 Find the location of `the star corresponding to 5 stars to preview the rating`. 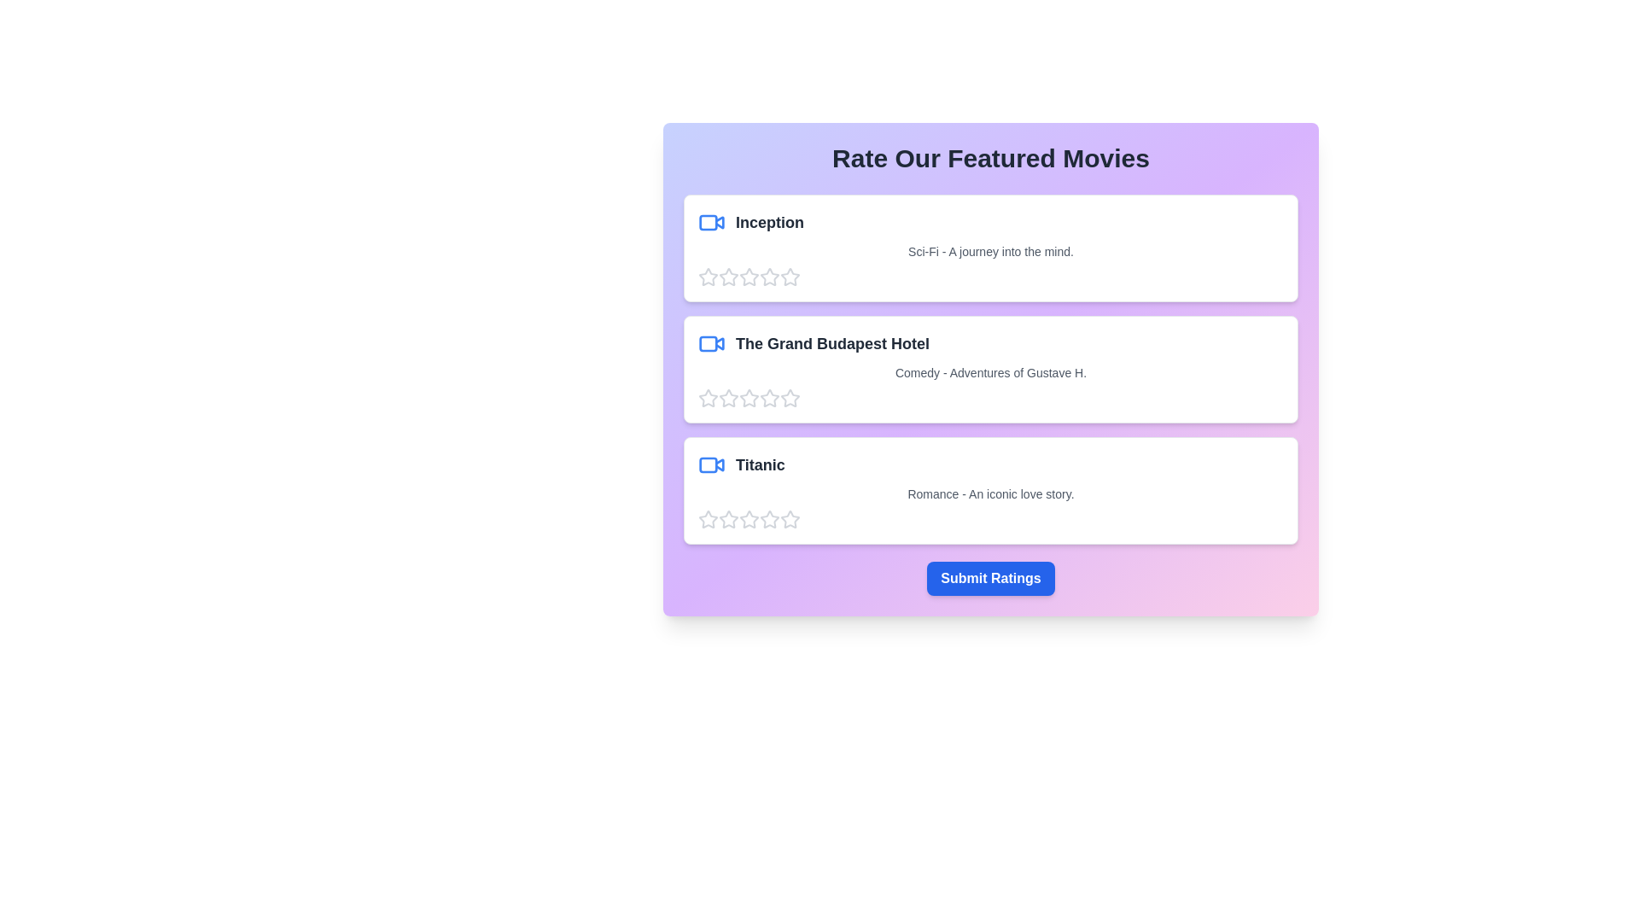

the star corresponding to 5 stars to preview the rating is located at coordinates (790, 276).